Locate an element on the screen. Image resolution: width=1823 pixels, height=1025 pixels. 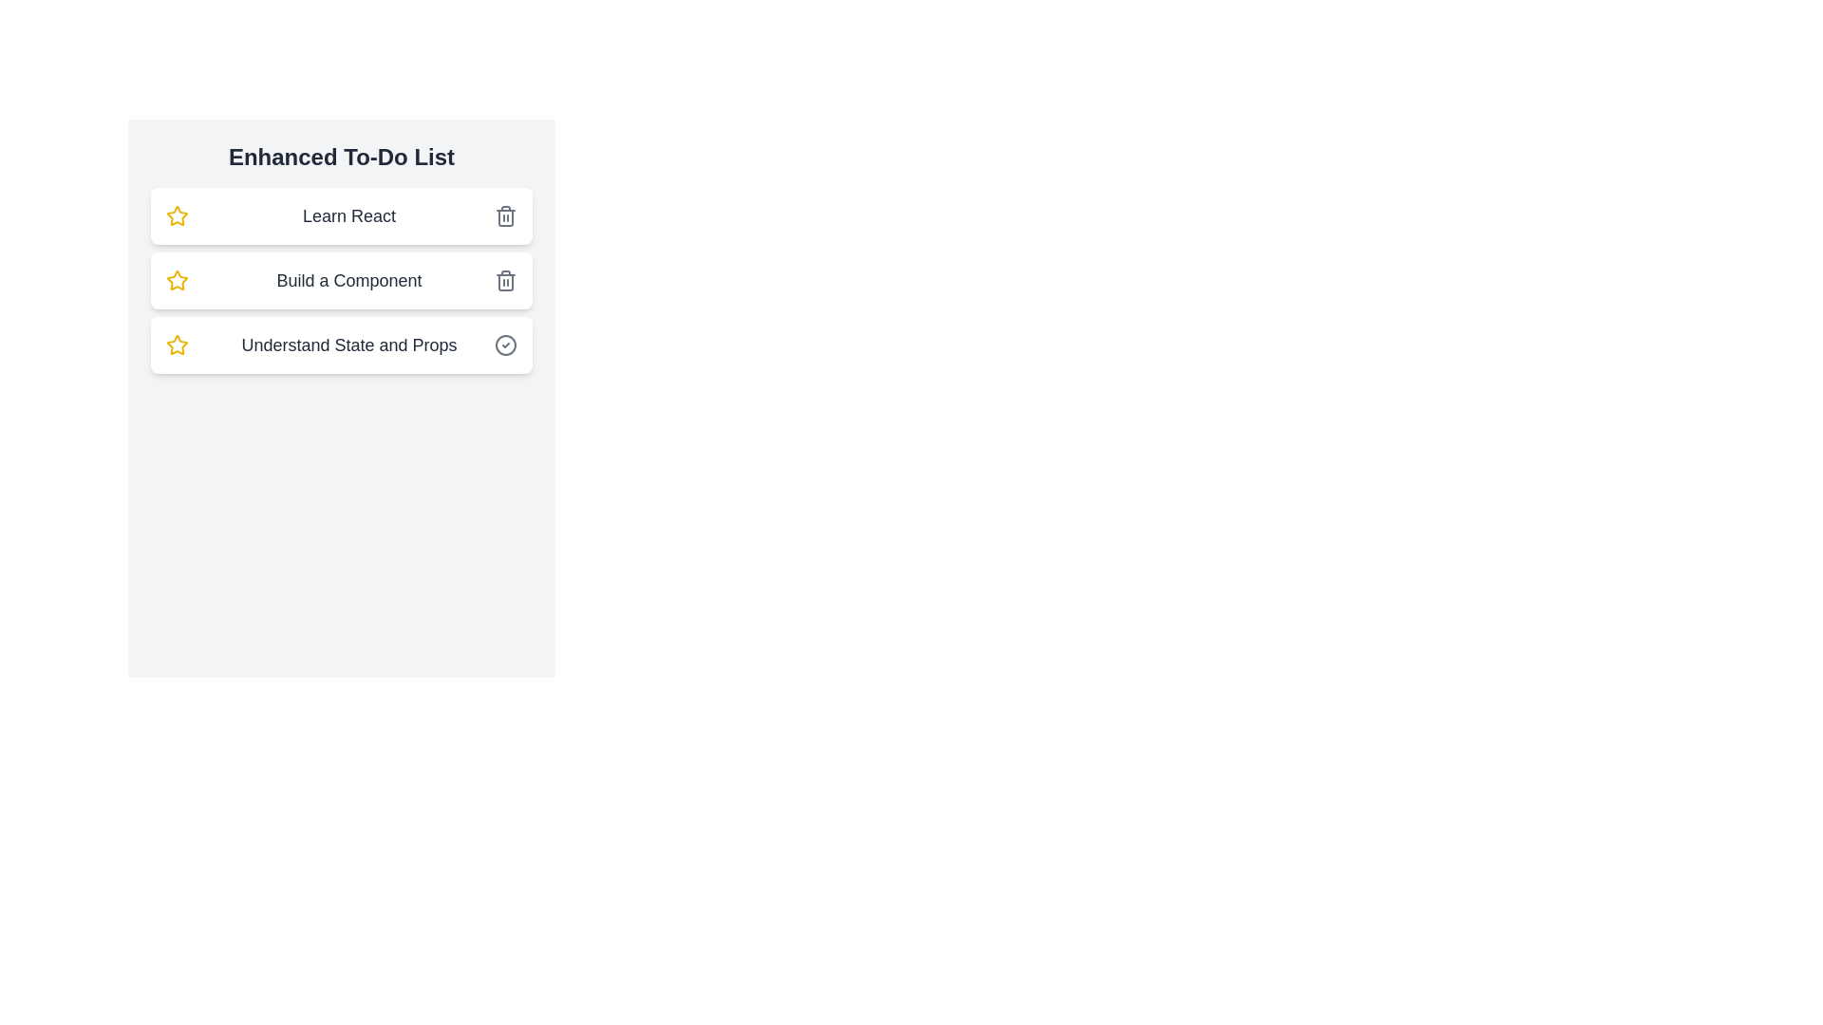
the List Item labeled 'Build a Component' is located at coordinates (342, 281).